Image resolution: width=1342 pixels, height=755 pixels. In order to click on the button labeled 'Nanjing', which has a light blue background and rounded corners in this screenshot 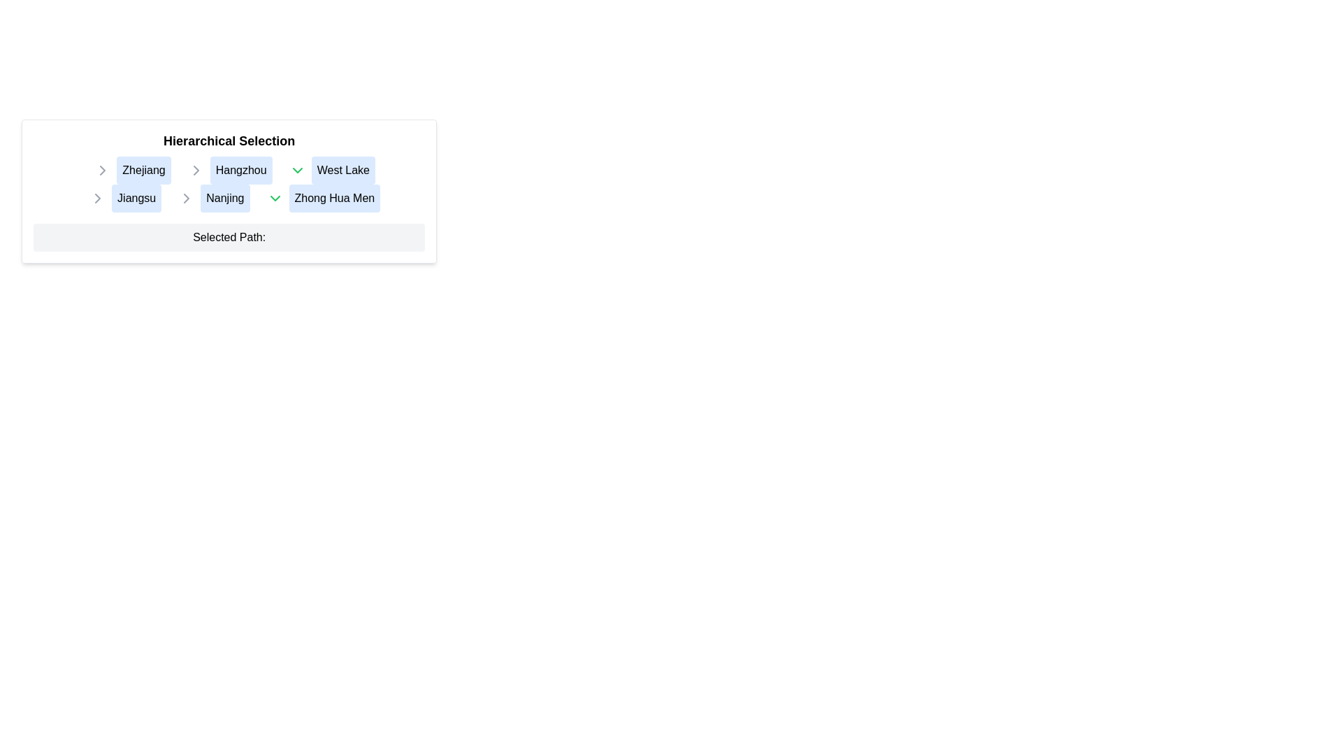, I will do `click(235, 199)`.